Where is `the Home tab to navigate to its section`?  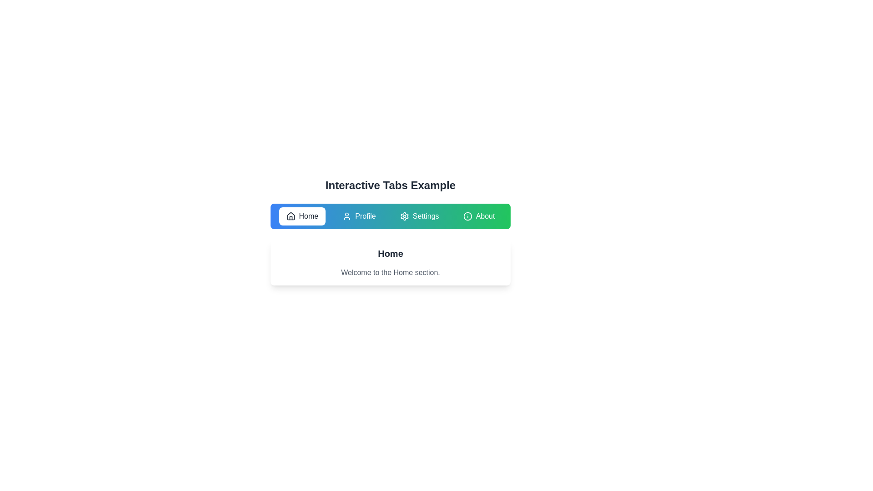
the Home tab to navigate to its section is located at coordinates (302, 216).